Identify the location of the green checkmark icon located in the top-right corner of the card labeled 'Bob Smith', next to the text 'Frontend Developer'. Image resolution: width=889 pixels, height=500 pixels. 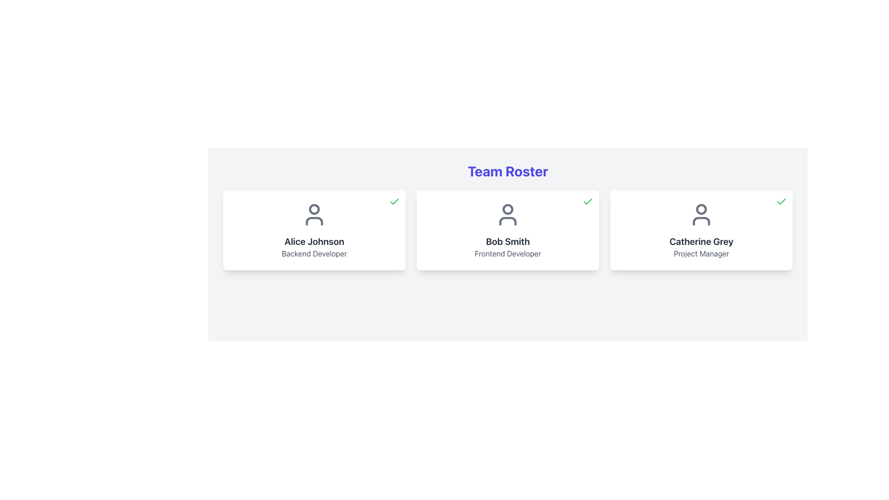
(588, 201).